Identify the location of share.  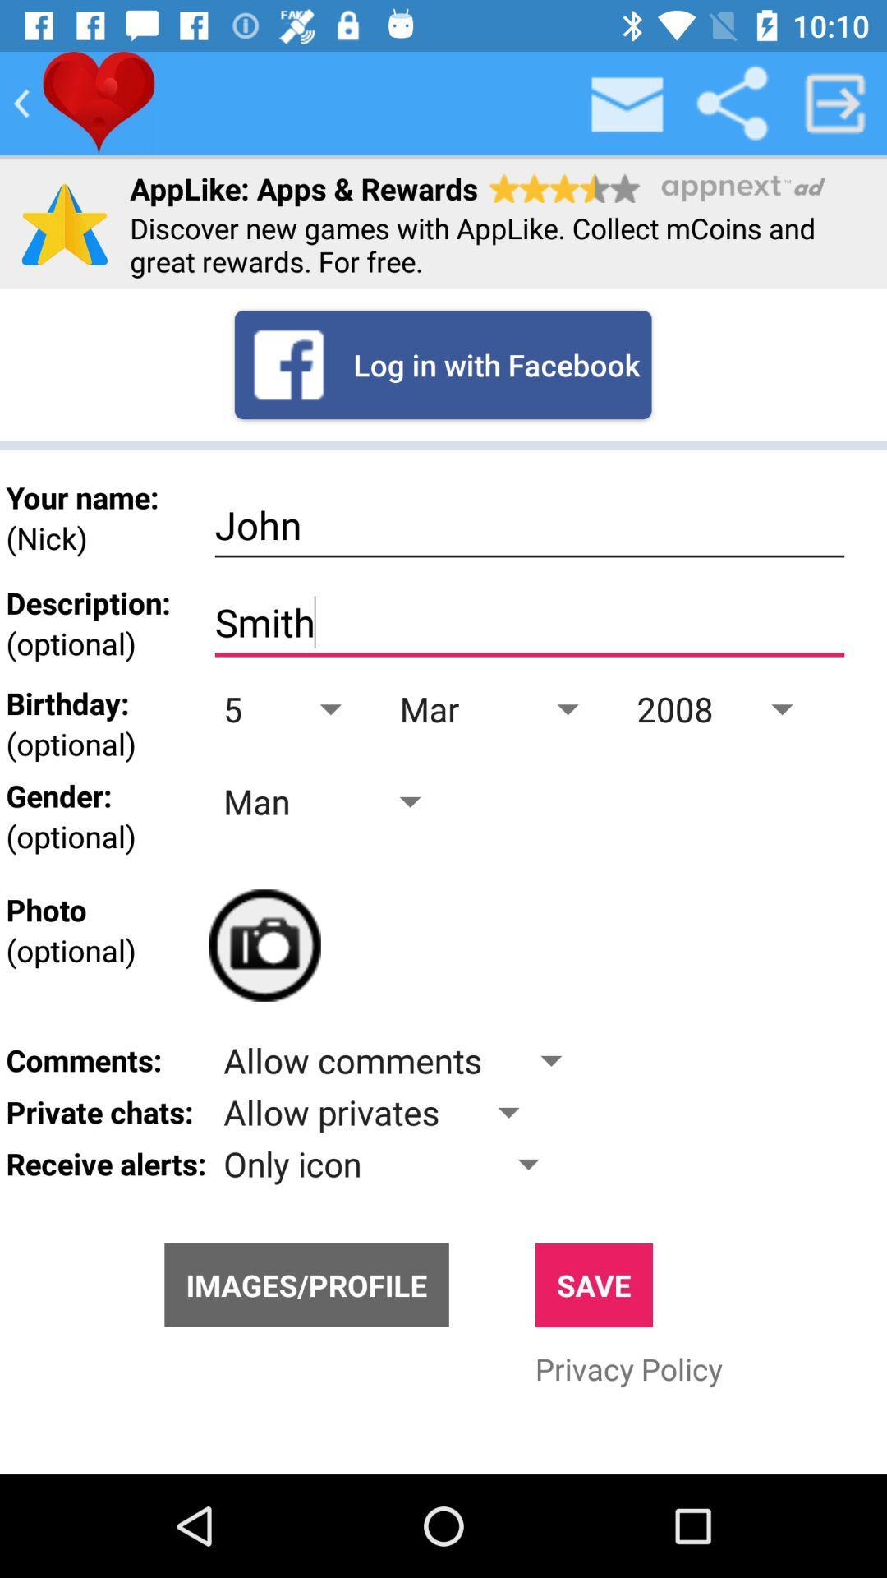
(731, 102).